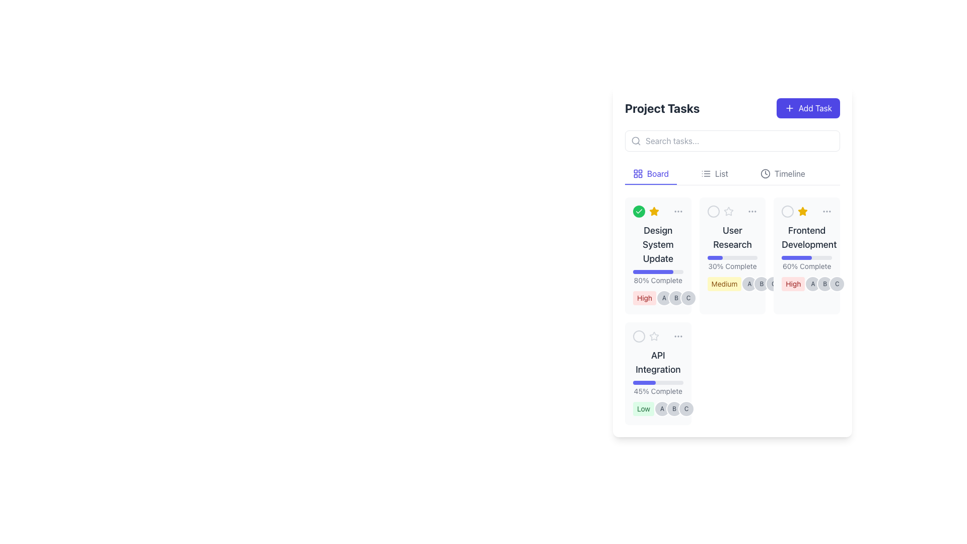 The width and height of the screenshot is (967, 544). What do you see at coordinates (807, 237) in the screenshot?
I see `the Text label displaying the title of the task related to 'Frontend Development', located in the upper section of the task card in the third column of the project task board` at bounding box center [807, 237].